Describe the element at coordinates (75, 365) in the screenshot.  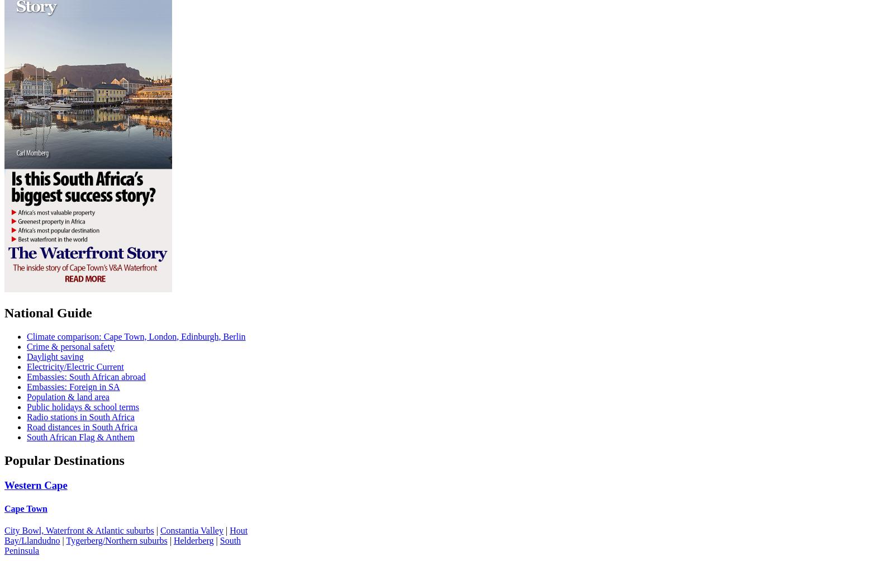
I see `'Electricity/Electric Current'` at that location.